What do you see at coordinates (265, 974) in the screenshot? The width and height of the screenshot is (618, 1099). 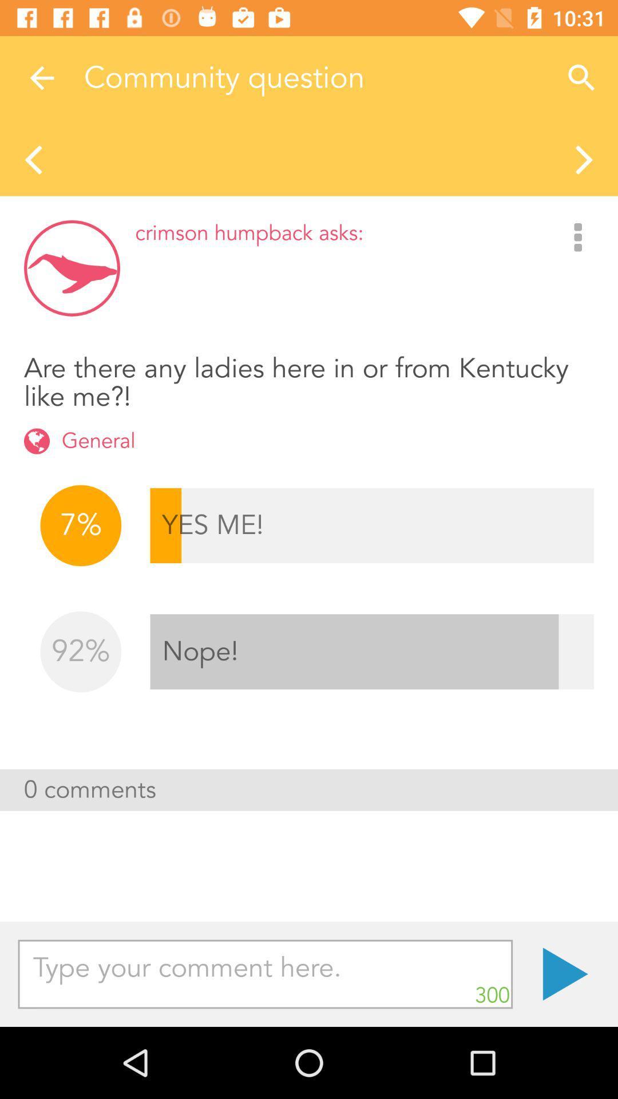 I see `the item next to the . item` at bounding box center [265, 974].